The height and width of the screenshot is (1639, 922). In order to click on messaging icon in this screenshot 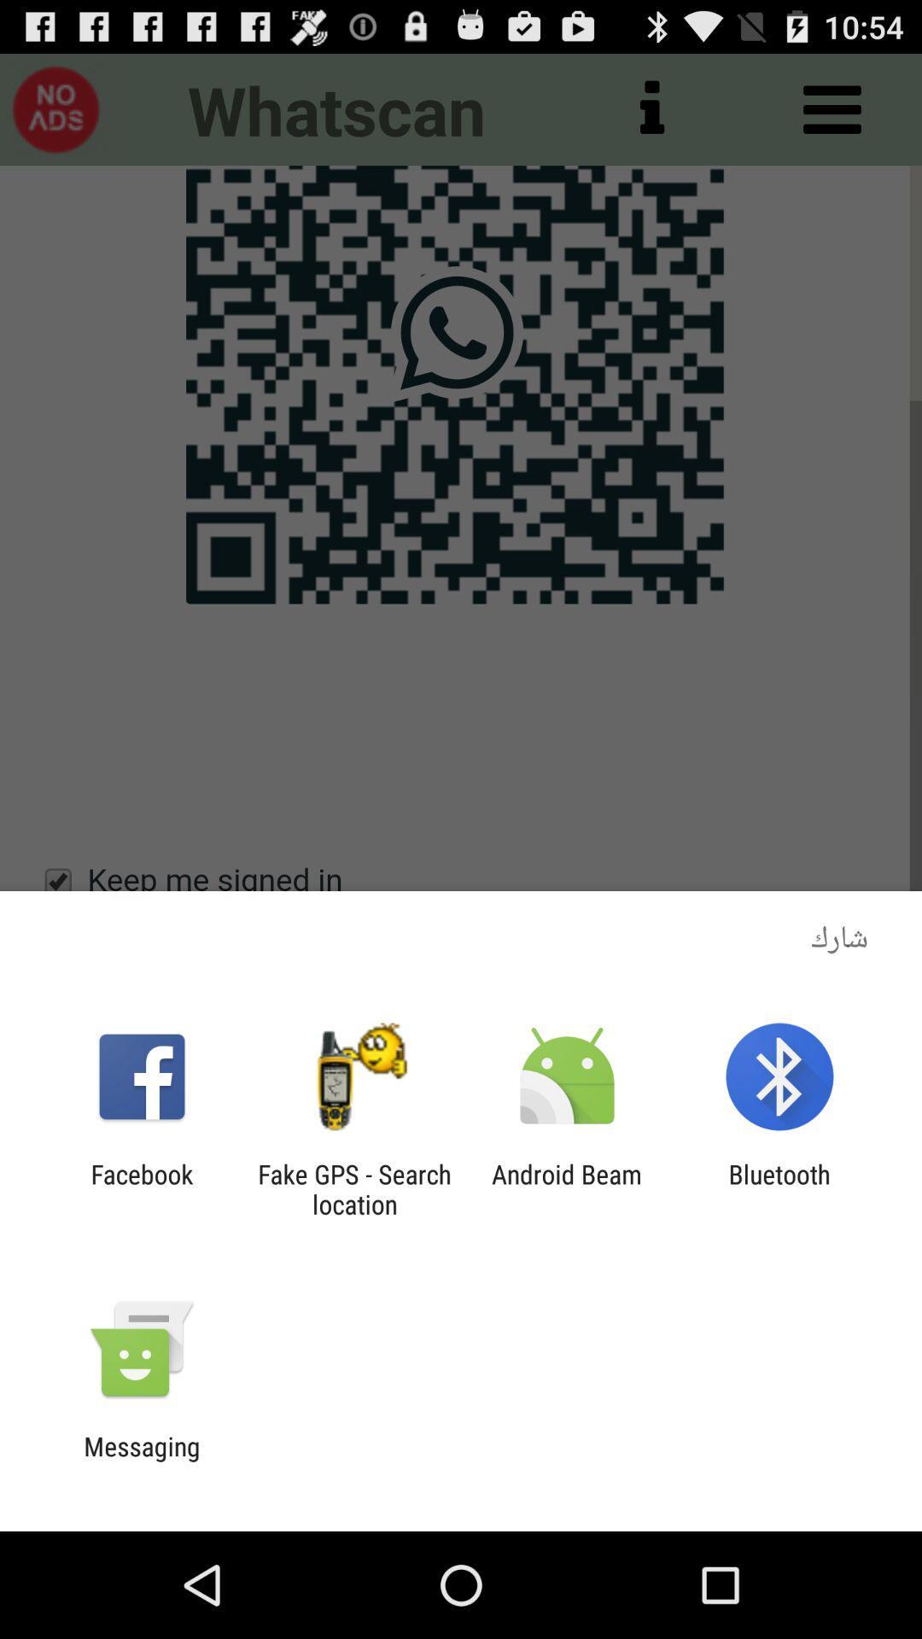, I will do `click(141, 1461)`.